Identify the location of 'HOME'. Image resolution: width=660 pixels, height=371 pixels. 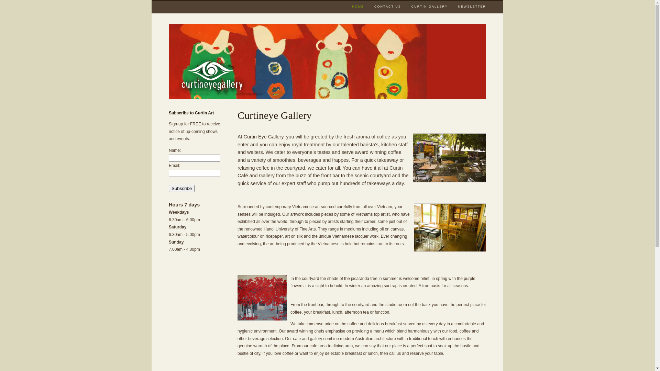
(357, 7).